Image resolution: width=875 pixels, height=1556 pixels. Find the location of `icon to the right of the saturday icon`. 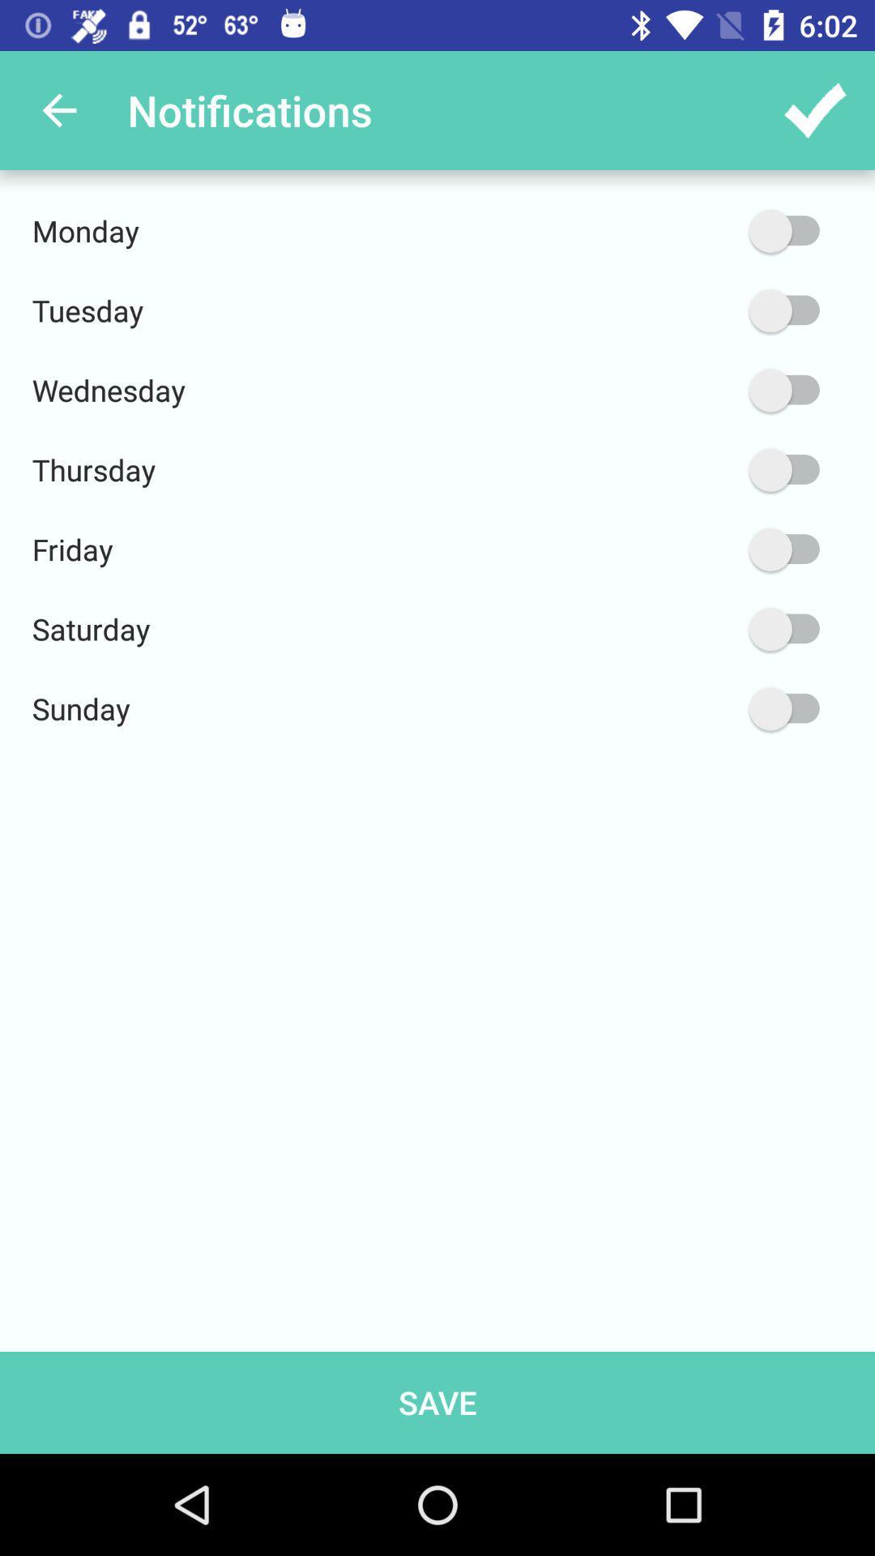

icon to the right of the saturday icon is located at coordinates (706, 628).